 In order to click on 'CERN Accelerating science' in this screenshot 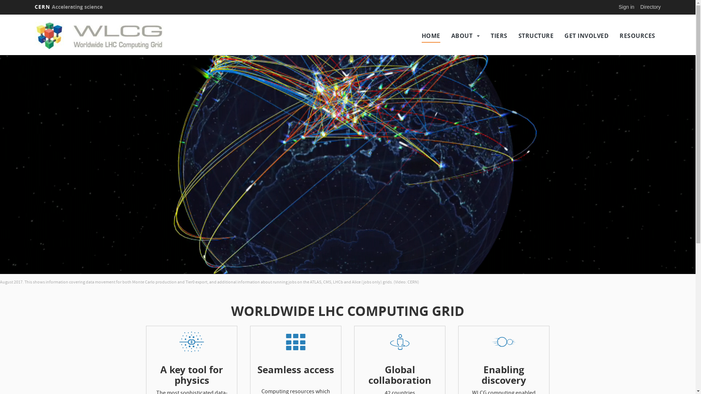, I will do `click(68, 7)`.